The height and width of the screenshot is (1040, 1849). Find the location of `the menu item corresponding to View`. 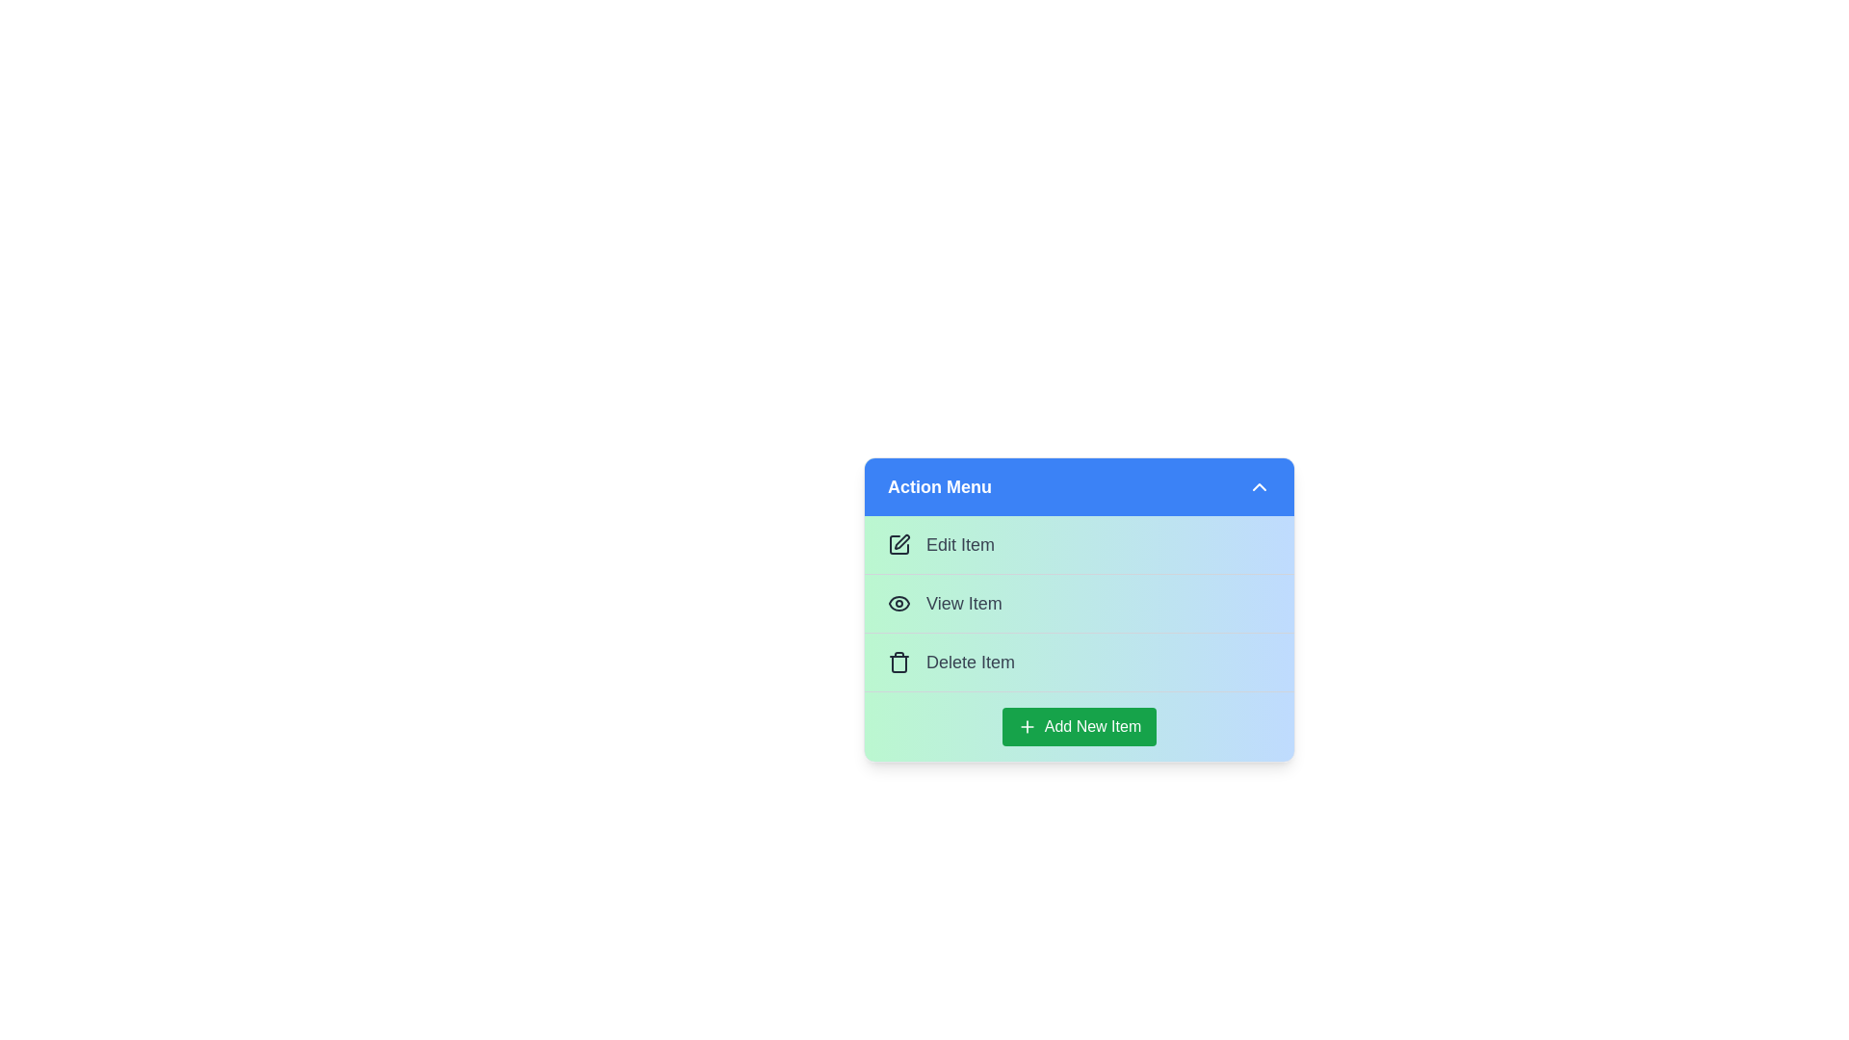

the menu item corresponding to View is located at coordinates (1080, 602).